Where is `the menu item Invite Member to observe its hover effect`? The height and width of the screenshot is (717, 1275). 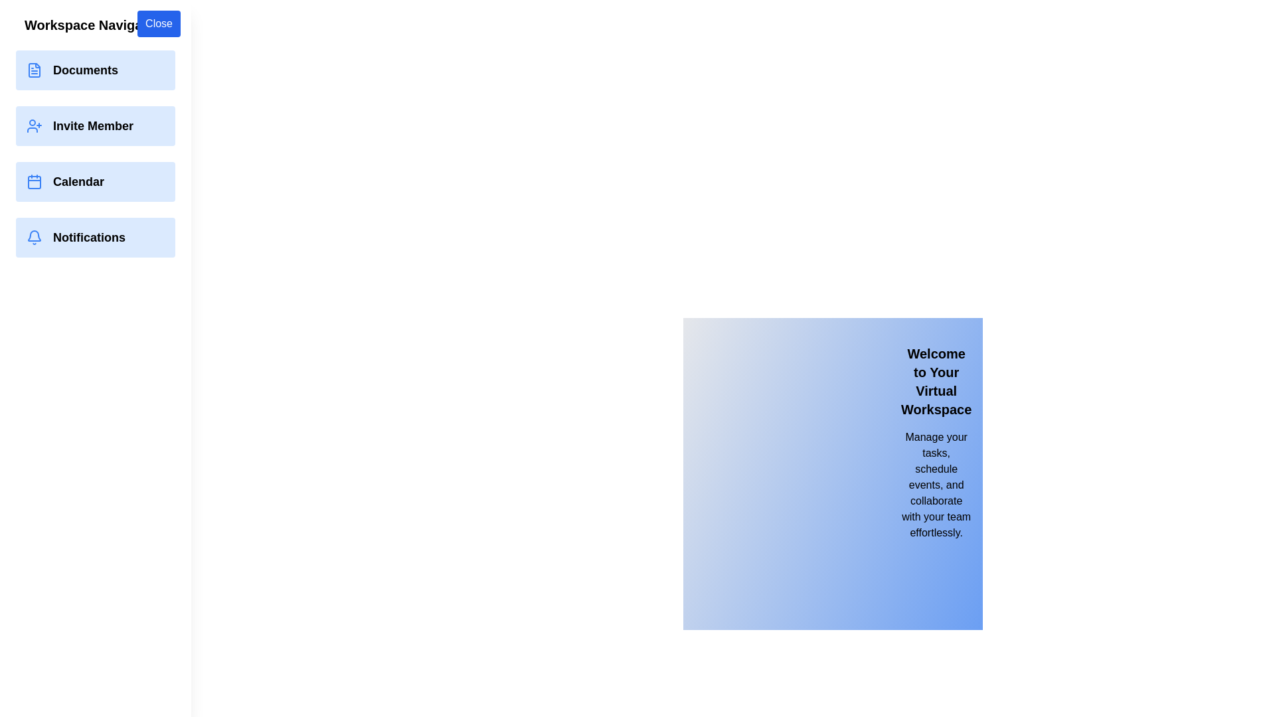 the menu item Invite Member to observe its hover effect is located at coordinates (95, 125).